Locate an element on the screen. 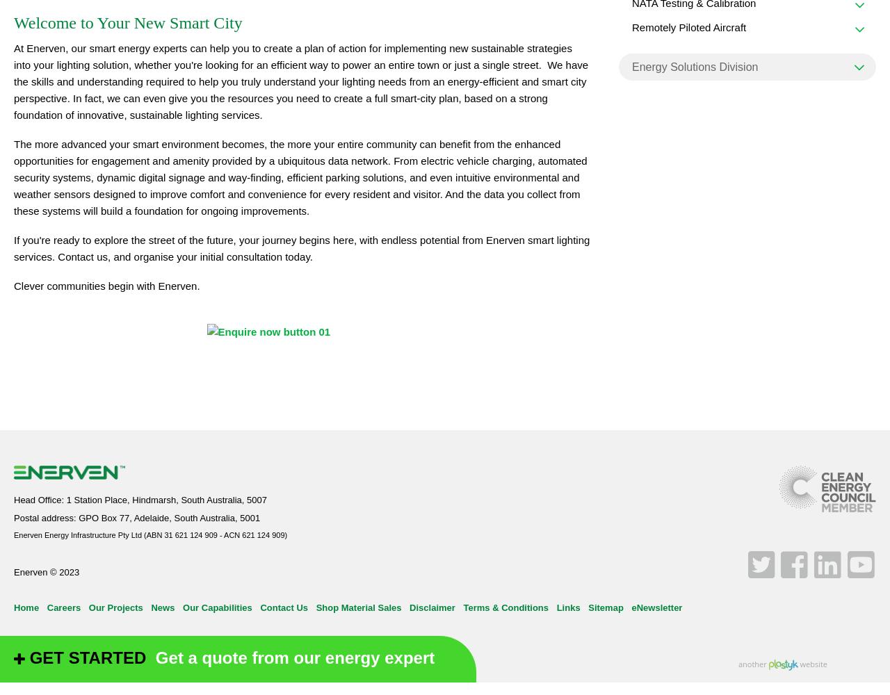  'another' is located at coordinates (752, 662).